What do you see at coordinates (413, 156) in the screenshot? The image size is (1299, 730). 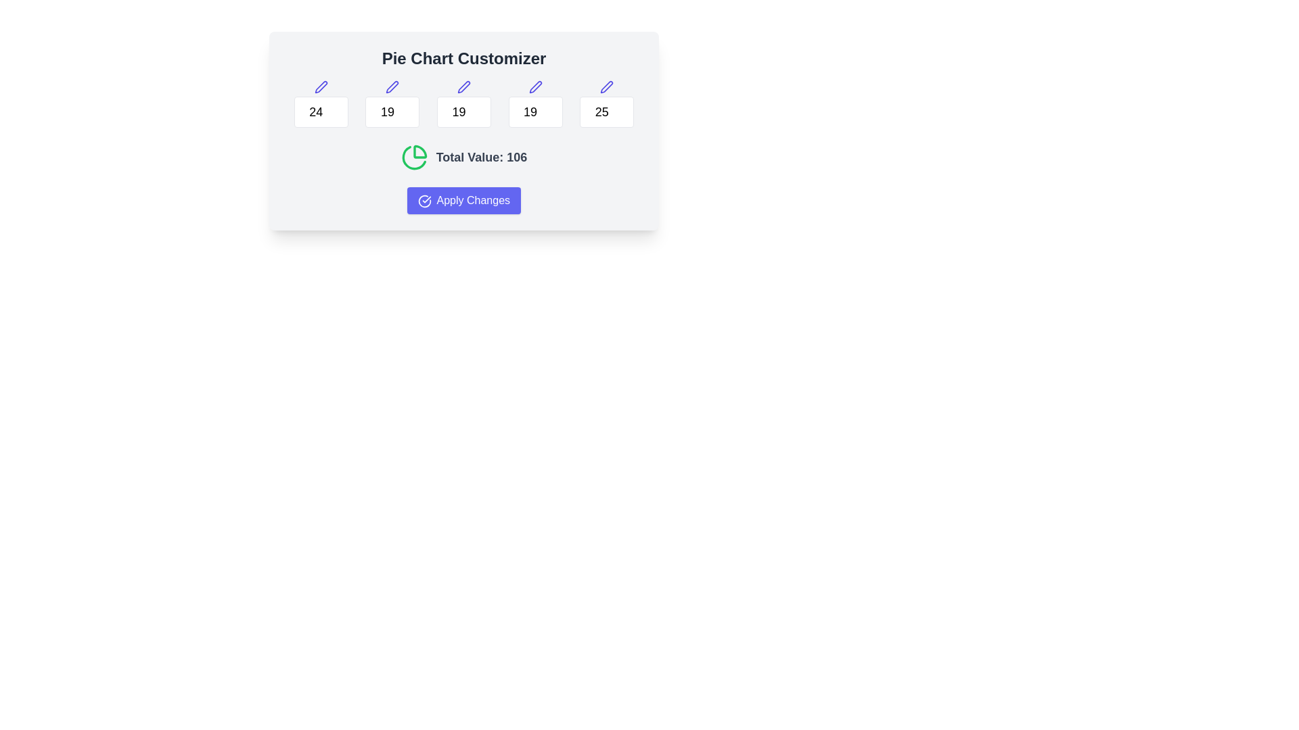 I see `the green pie chart icon, which is positioned to the left of the text 'Total Value: 106' in the lower section of the interface` at bounding box center [413, 156].